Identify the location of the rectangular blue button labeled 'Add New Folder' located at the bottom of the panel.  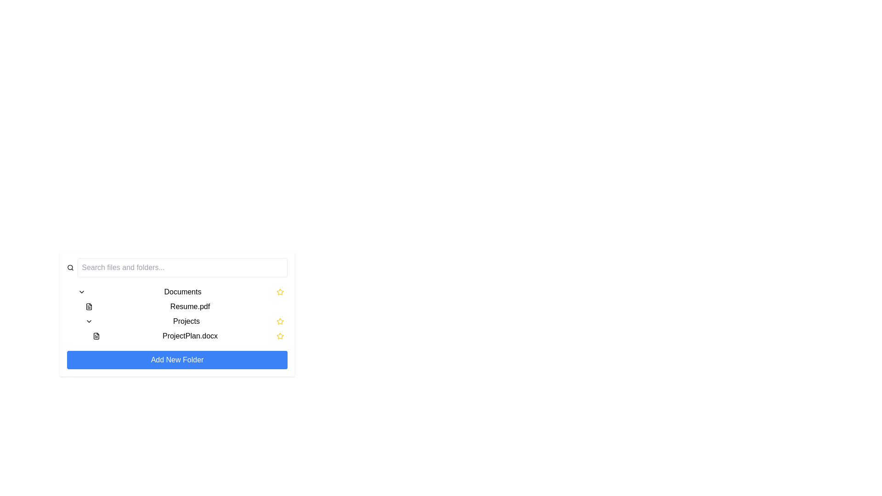
(177, 359).